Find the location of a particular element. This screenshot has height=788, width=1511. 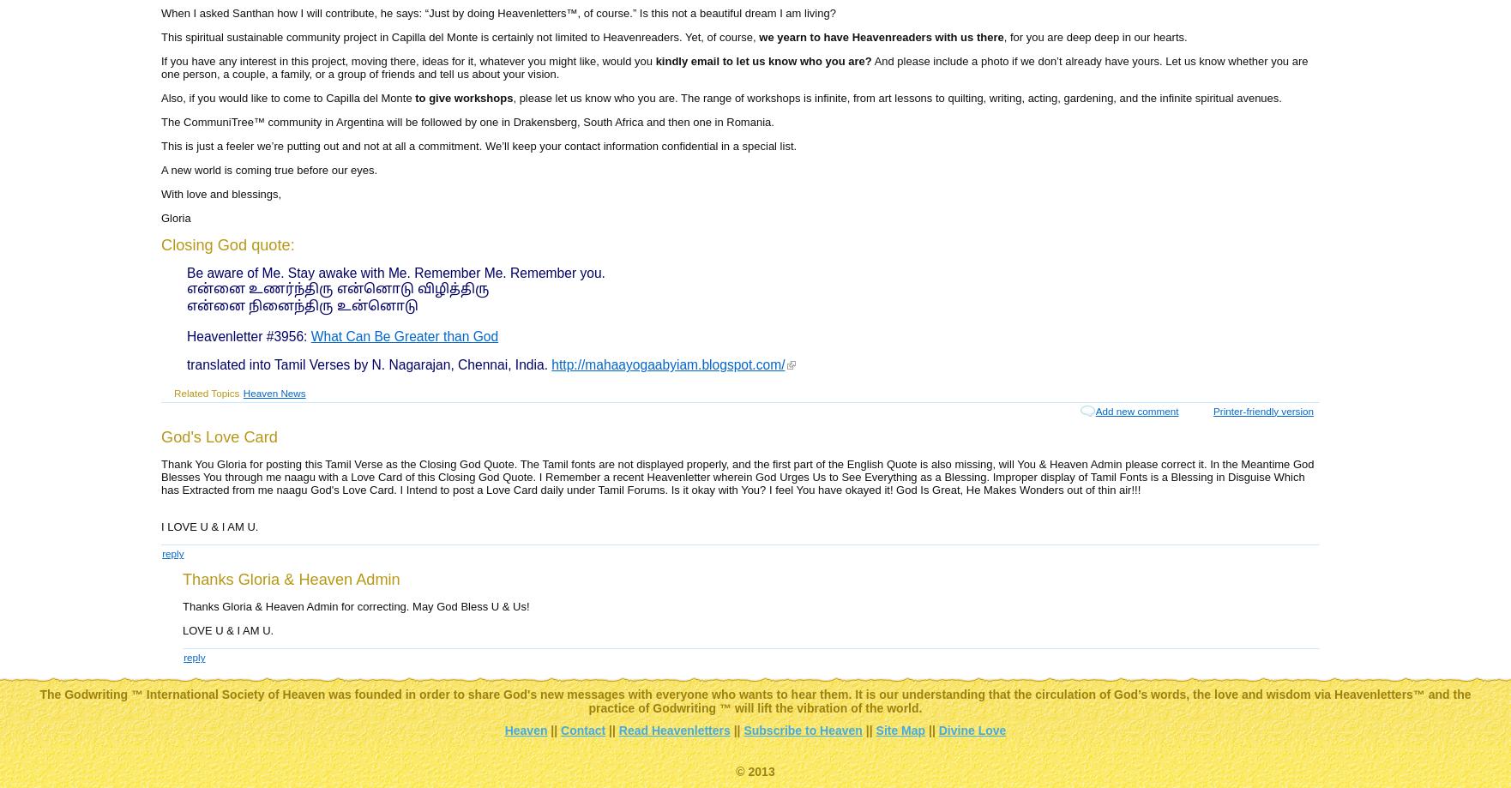

'Heaven' is located at coordinates (524, 730).